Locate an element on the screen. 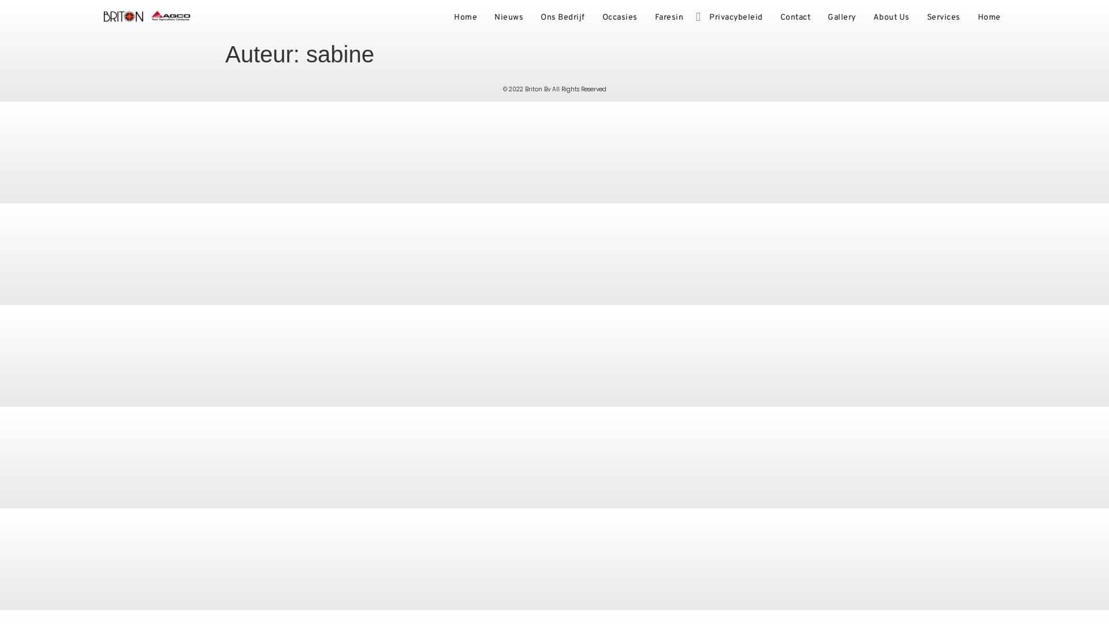  'Home' is located at coordinates (466, 17).